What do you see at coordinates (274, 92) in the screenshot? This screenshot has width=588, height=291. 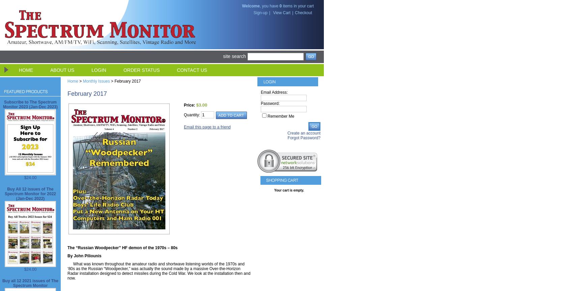 I see `'Email Address:'` at bounding box center [274, 92].